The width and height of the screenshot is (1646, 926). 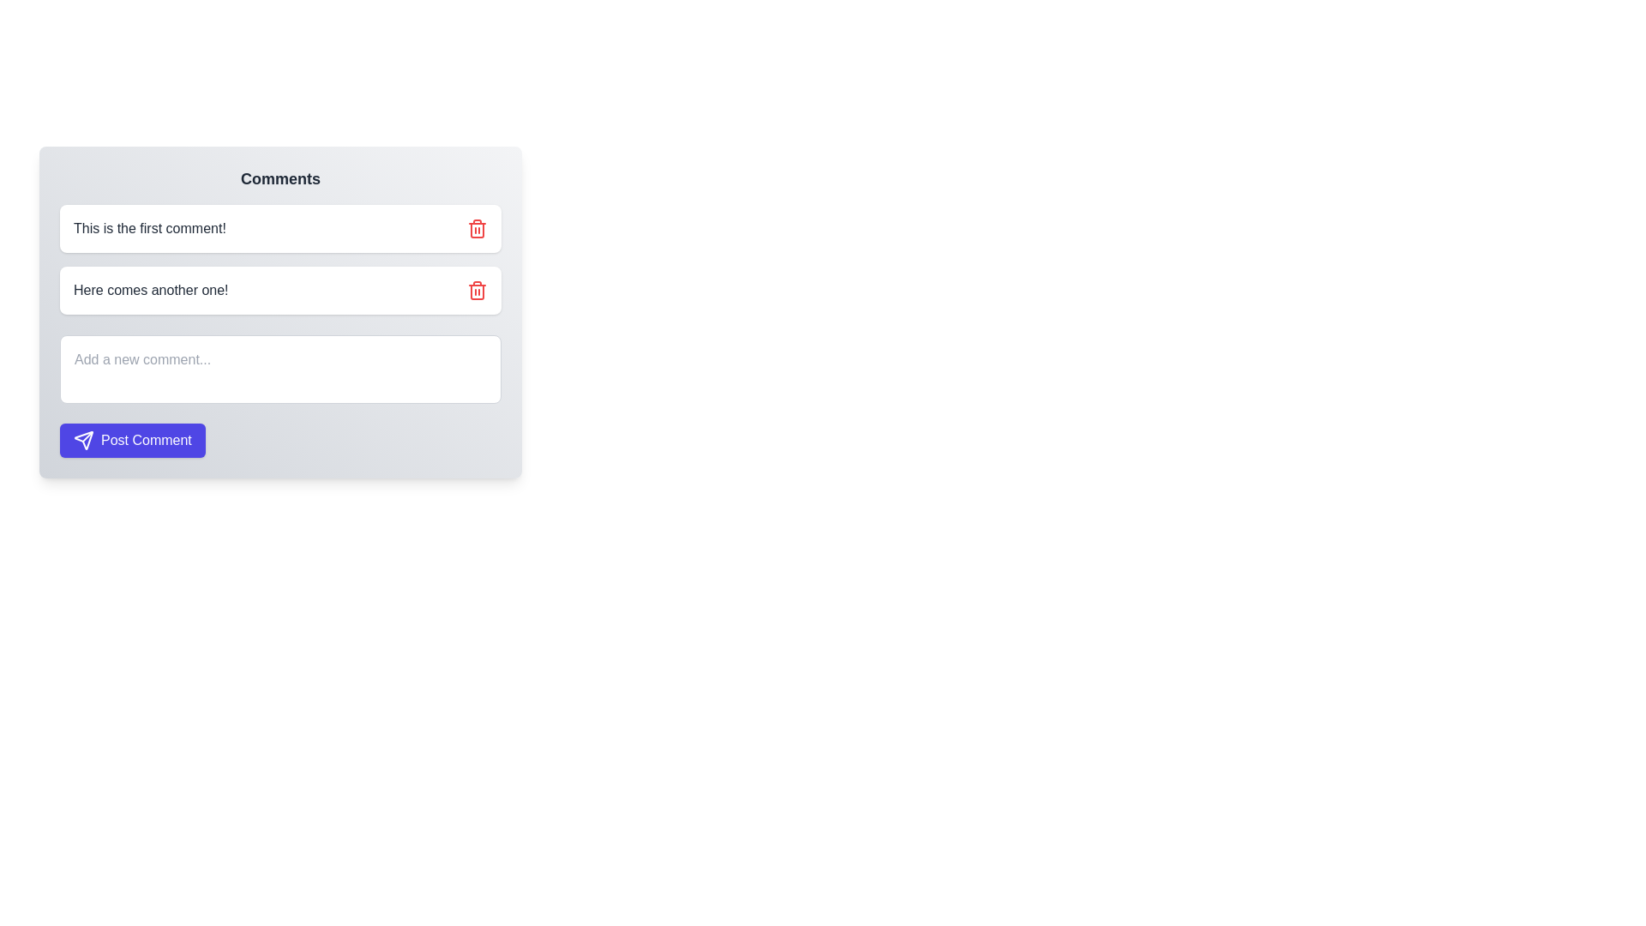 I want to click on the delete icon button located at the far-right side of the comment box containing the text 'Here comes another one!', so click(x=477, y=290).